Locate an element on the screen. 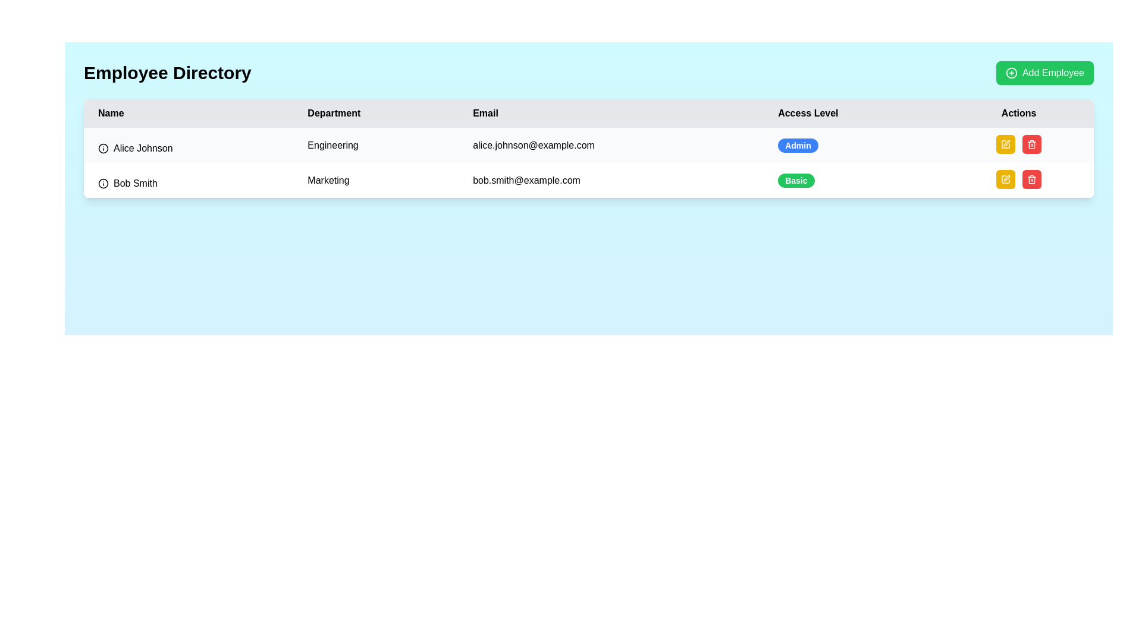 This screenshot has width=1142, height=642. the edit button in the second row of the employee table is located at coordinates (1005, 179).